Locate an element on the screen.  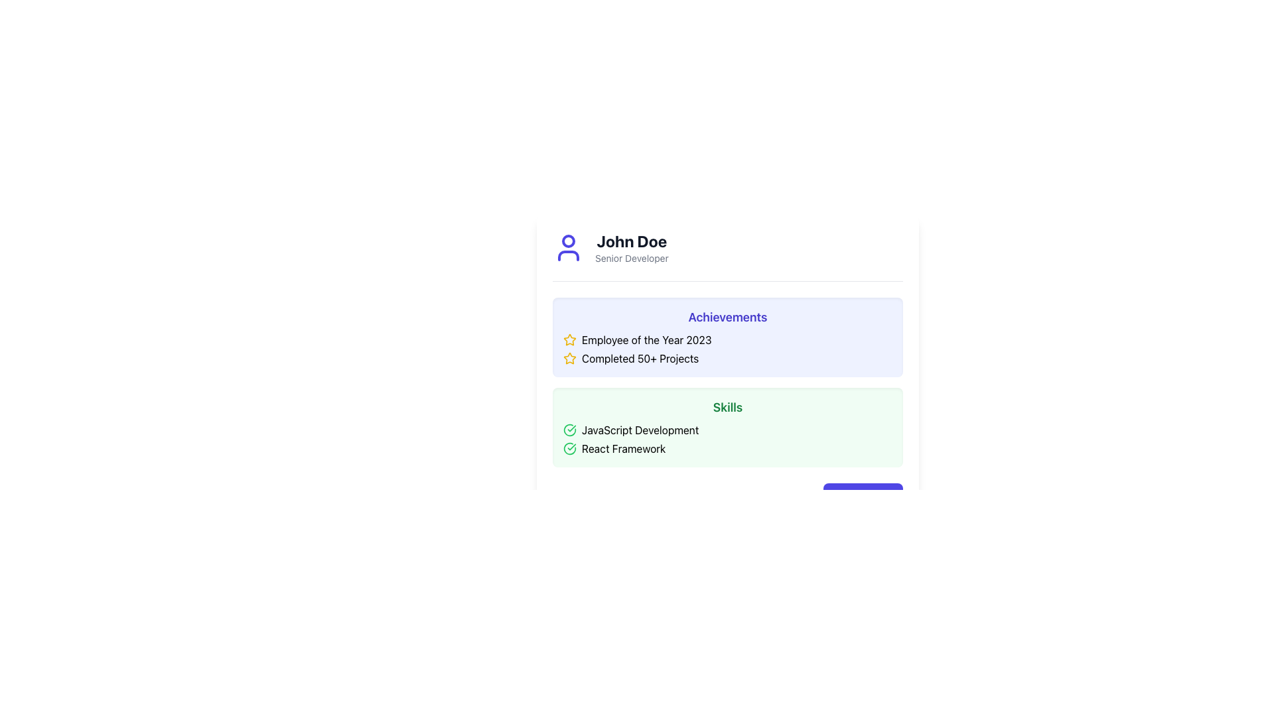
the 'React Framework' label, which is the second item in the 'Skills' section, displayed in bold text on a green background is located at coordinates (623, 448).